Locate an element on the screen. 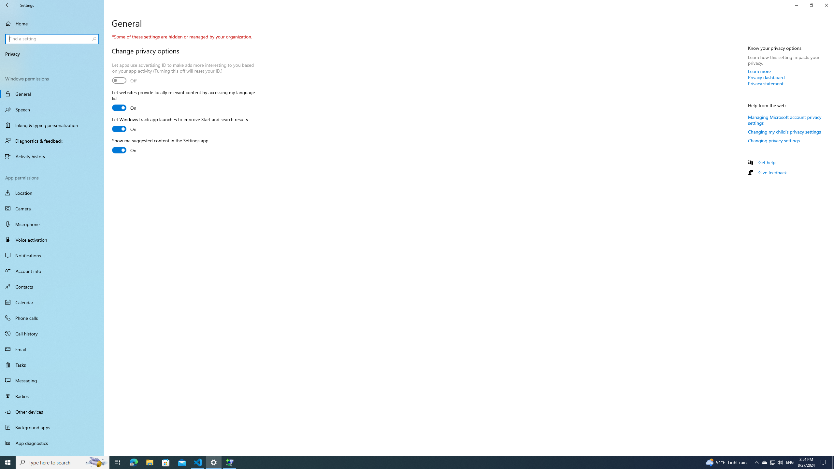 This screenshot has height=469, width=834. 'Extensible Wizards Host Process - 1 running window' is located at coordinates (230, 462).